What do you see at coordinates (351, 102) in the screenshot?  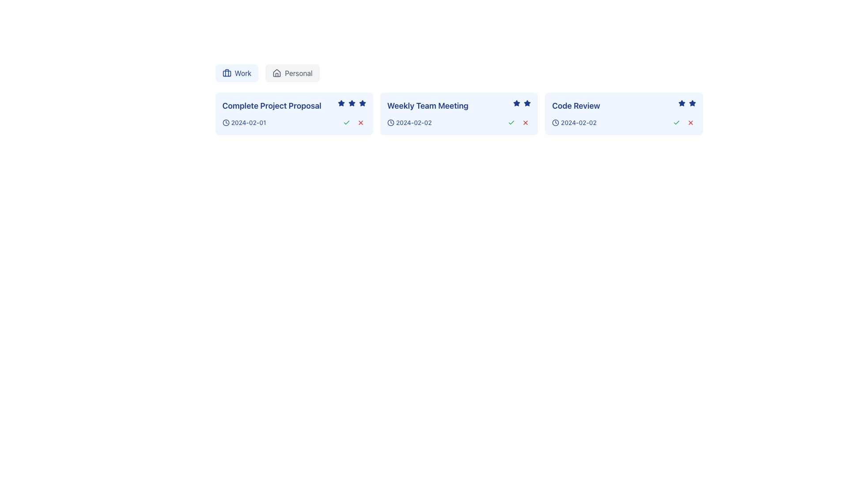 I see `the blue star icon with a white border adjacent to the task entry labeled 'Complete Project Proposal'` at bounding box center [351, 102].